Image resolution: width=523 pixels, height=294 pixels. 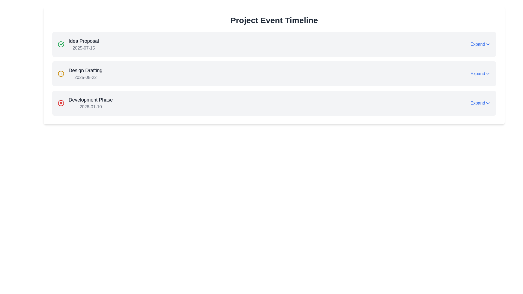 What do you see at coordinates (91, 107) in the screenshot?
I see `the text label that displays the date for the 'Development Phase' of the project, which is positioned to the right of the main title in the same row` at bounding box center [91, 107].